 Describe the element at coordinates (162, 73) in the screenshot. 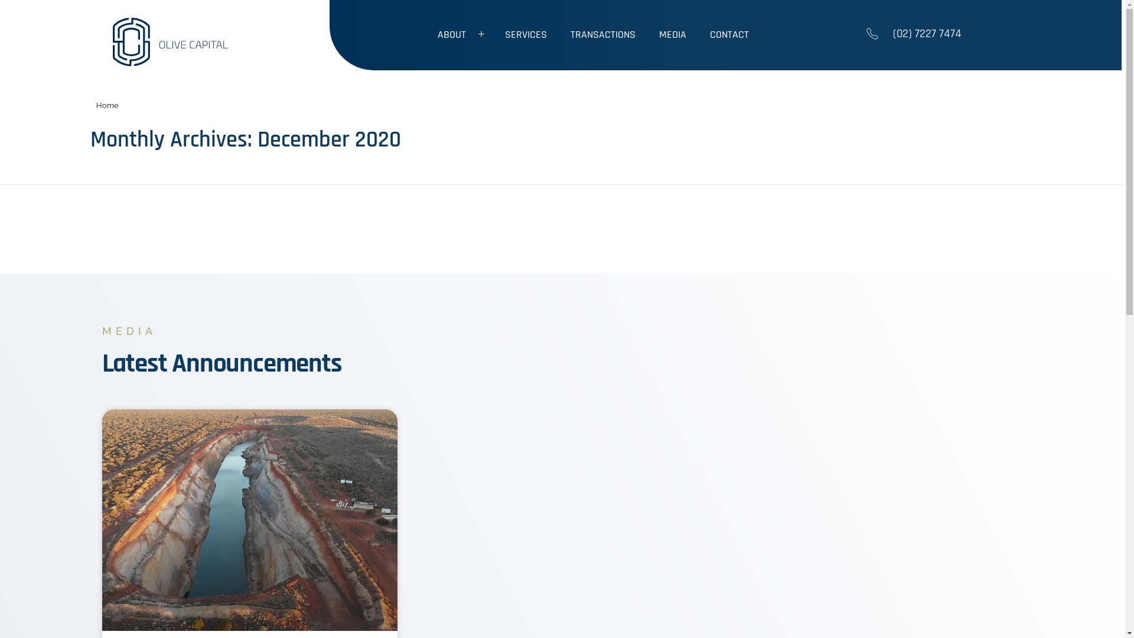

I see `'OLIVE CAPITAL'` at that location.